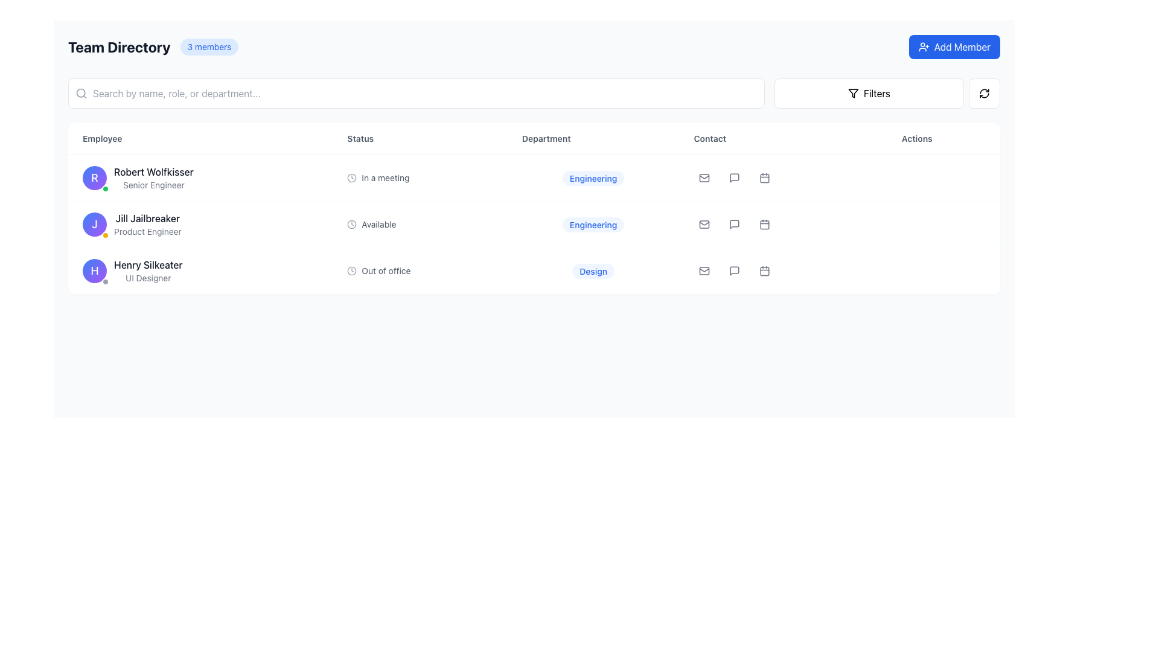  I want to click on the calendar icon button located in the 'Actions' column of the row for 'Henry Silkeater', so click(764, 270).